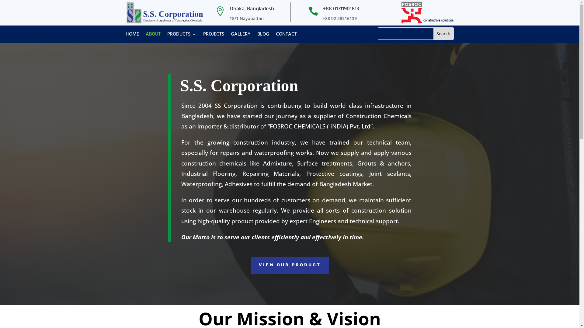 The image size is (584, 328). I want to click on 'PRODUCTS', so click(182, 35).